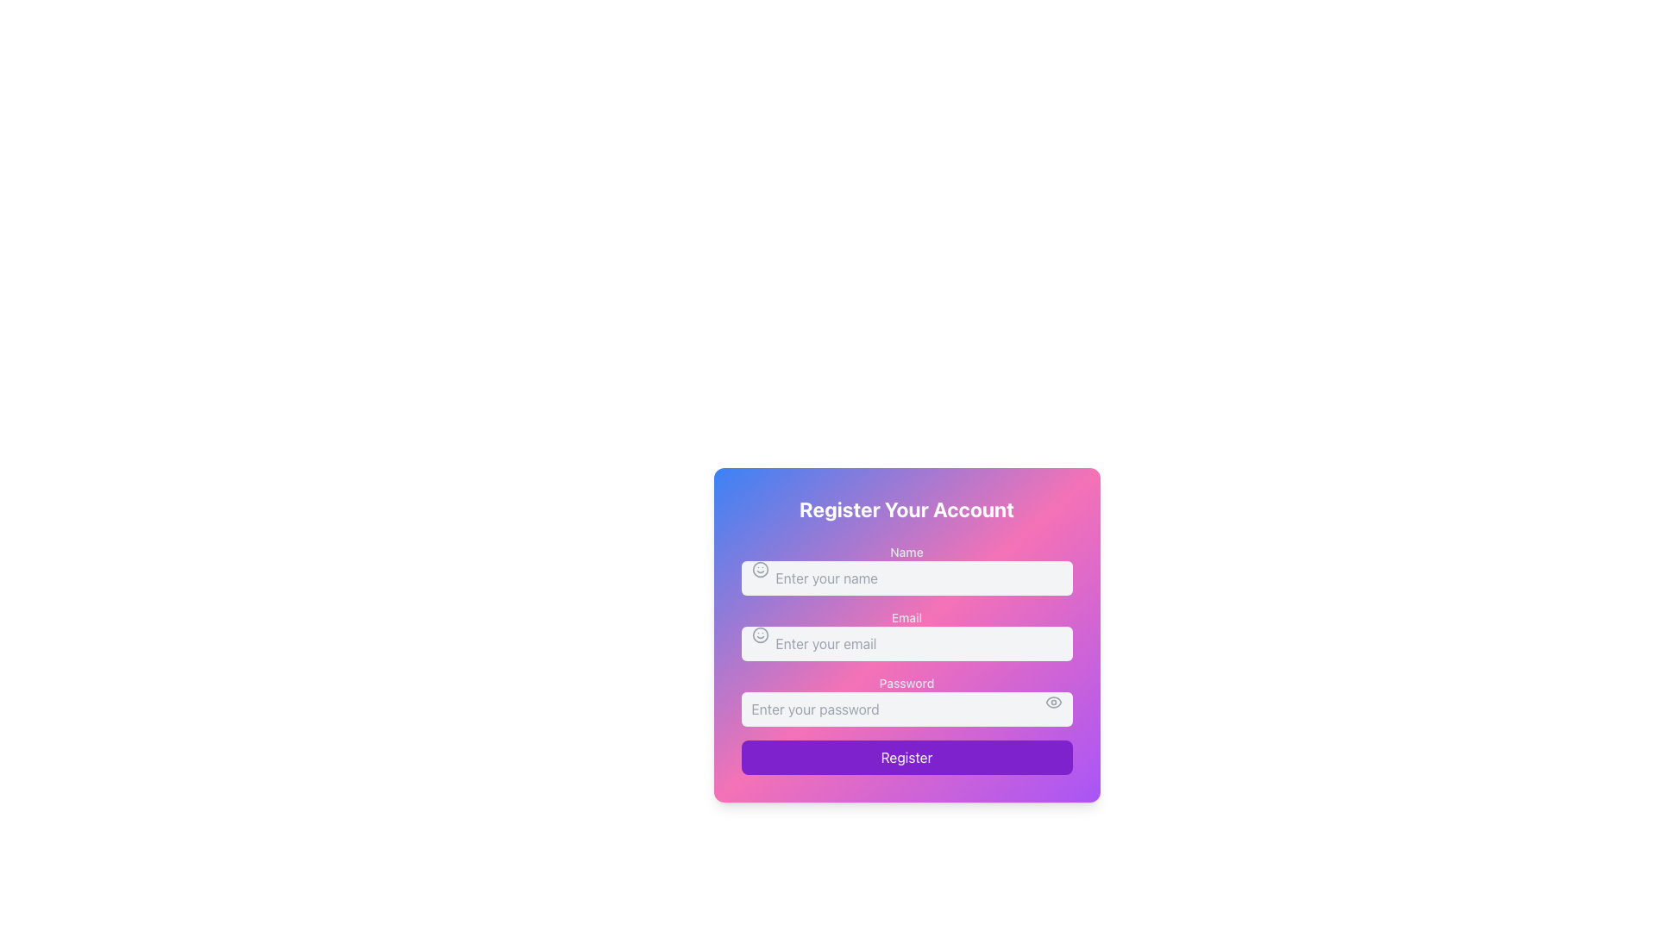  What do you see at coordinates (906, 683) in the screenshot?
I see `the password label that indicates the input field for entering a password, positioned above the corresponding password input field in the form` at bounding box center [906, 683].